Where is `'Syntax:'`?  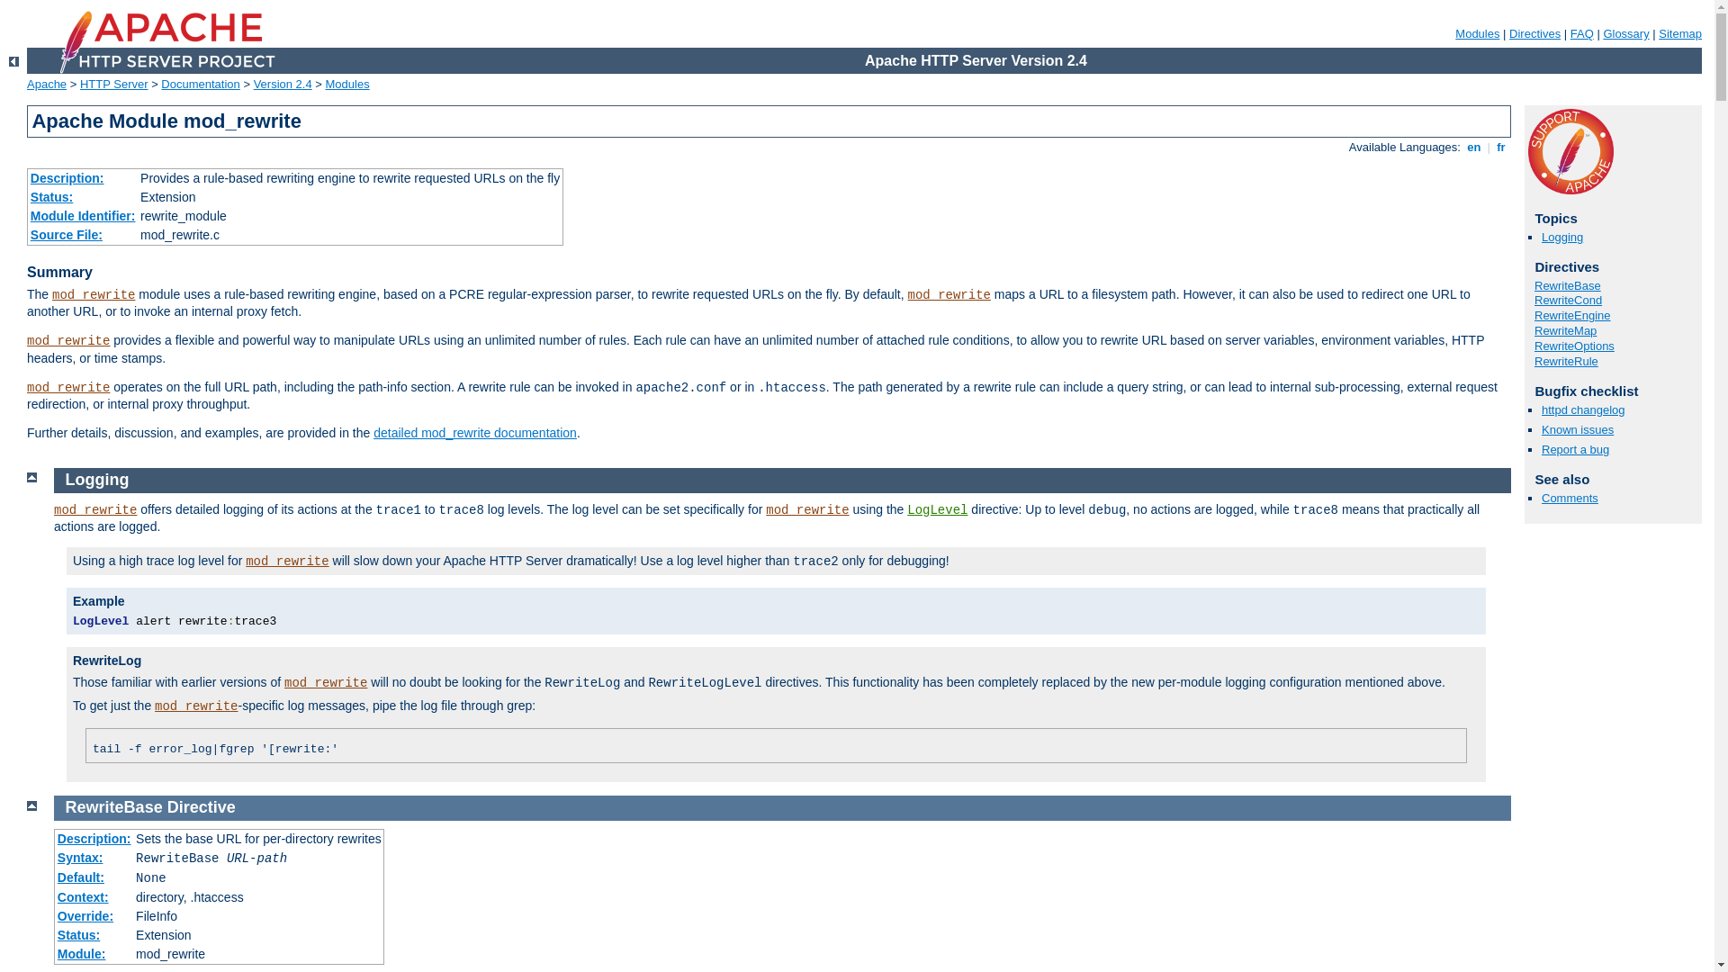
'Syntax:' is located at coordinates (79, 856).